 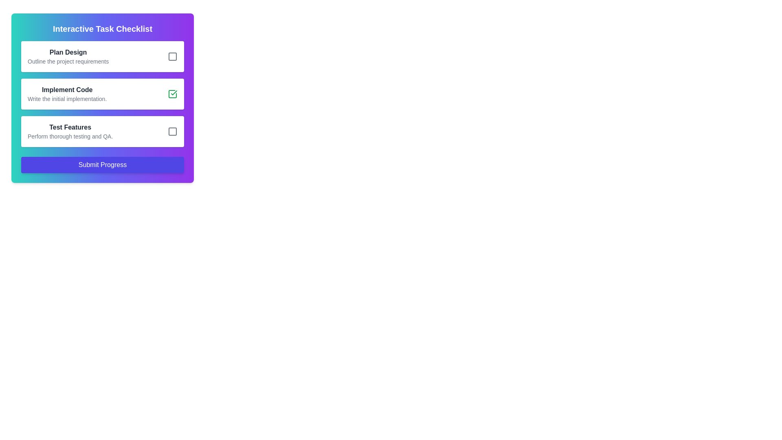 I want to click on the task completion icon for the 'Implement Code' step in the 'Interactive Task Checklist', so click(x=174, y=92).